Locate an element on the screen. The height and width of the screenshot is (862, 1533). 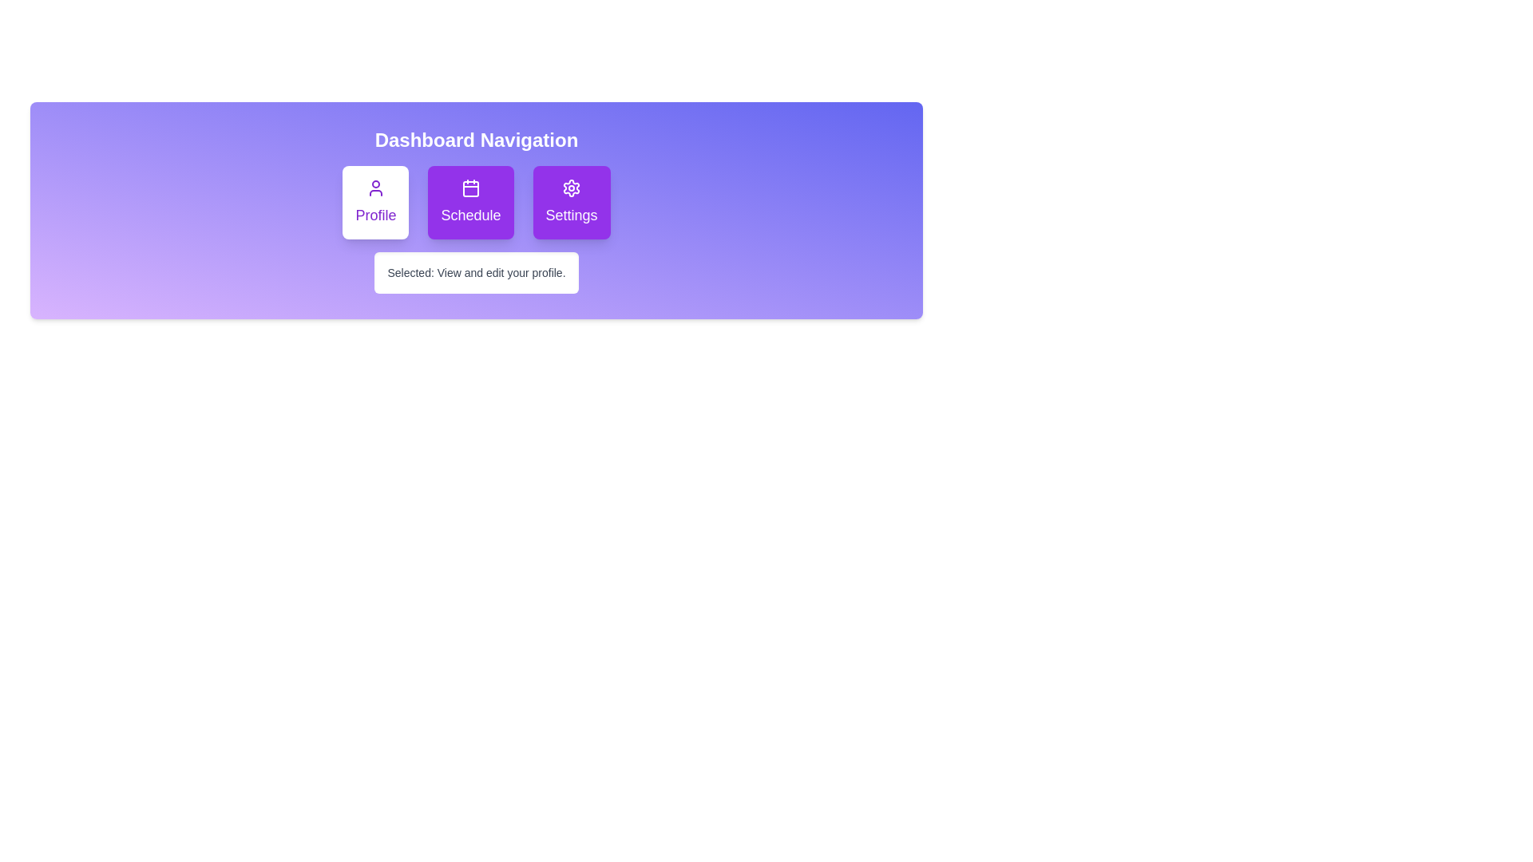
the calendar icon located at the top center of the 'Schedule' button, which is the second button in the horizontal navigation layout is located at coordinates (470, 187).